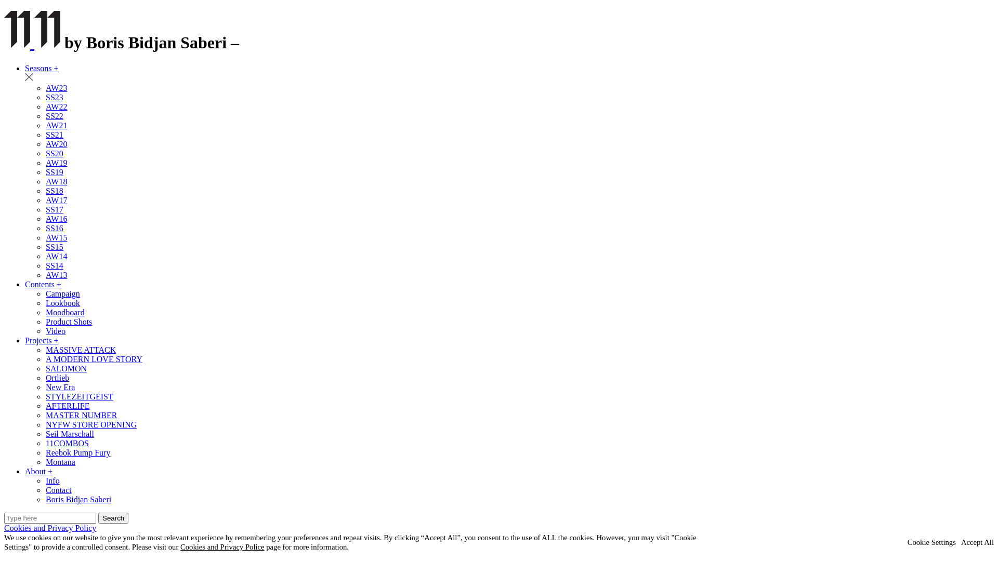 The width and height of the screenshot is (998, 561). I want to click on 'NYFW STORE OPENING', so click(91, 424).